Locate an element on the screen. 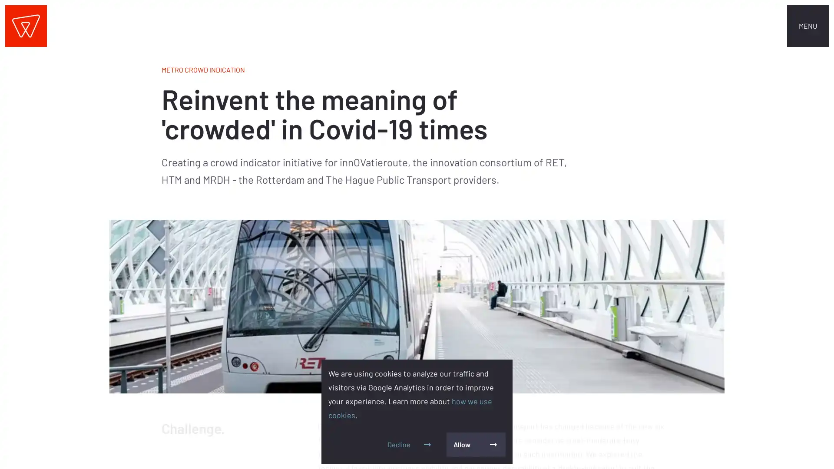 This screenshot has height=469, width=834. Decline is located at coordinates (410, 444).